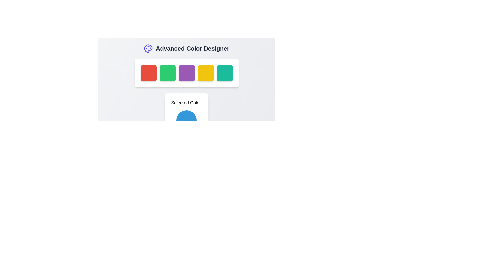 The width and height of the screenshot is (482, 271). I want to click on the bold text label reading 'Advanced Color Designer' that is styled in dark gray and positioned to the right of a purple palette icon, so click(192, 48).